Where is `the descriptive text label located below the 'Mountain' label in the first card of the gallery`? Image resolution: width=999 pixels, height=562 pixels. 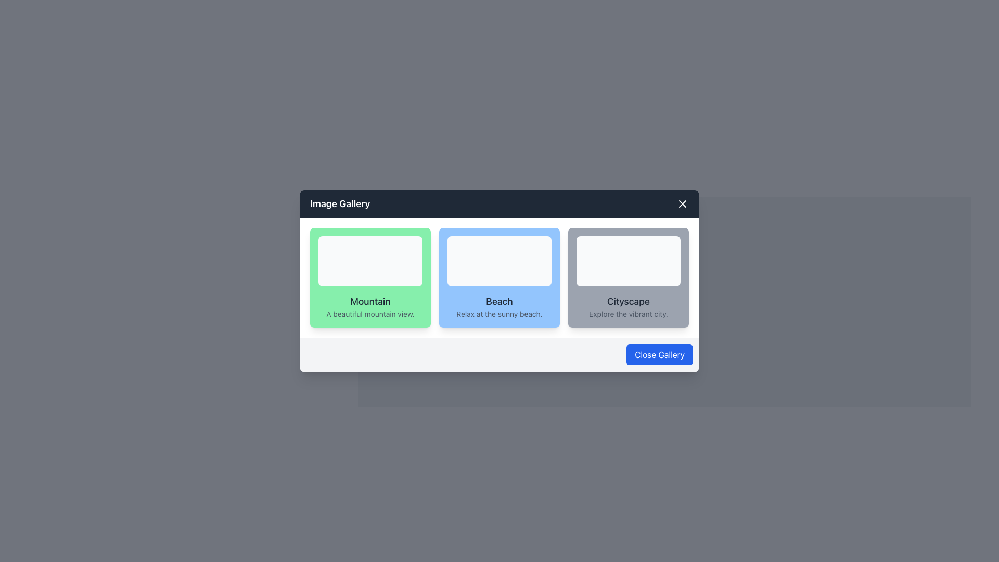
the descriptive text label located below the 'Mountain' label in the first card of the gallery is located at coordinates (370, 314).